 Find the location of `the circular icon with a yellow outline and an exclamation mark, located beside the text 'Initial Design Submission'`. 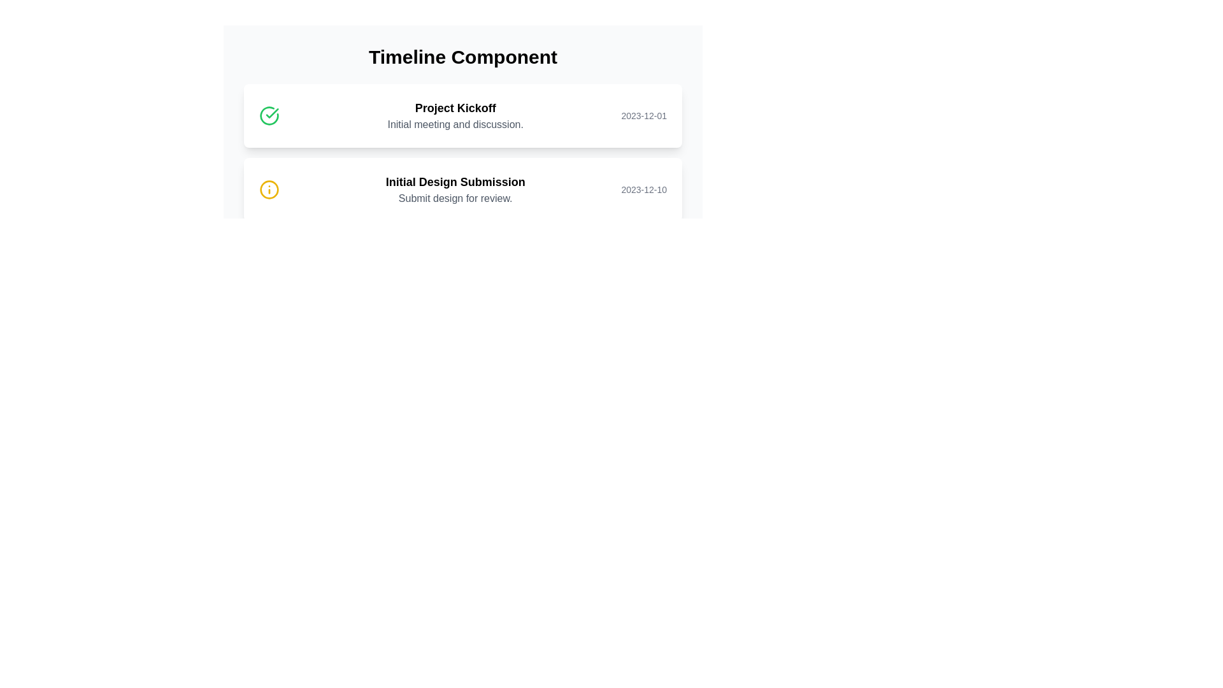

the circular icon with a yellow outline and an exclamation mark, located beside the text 'Initial Design Submission' is located at coordinates (268, 189).